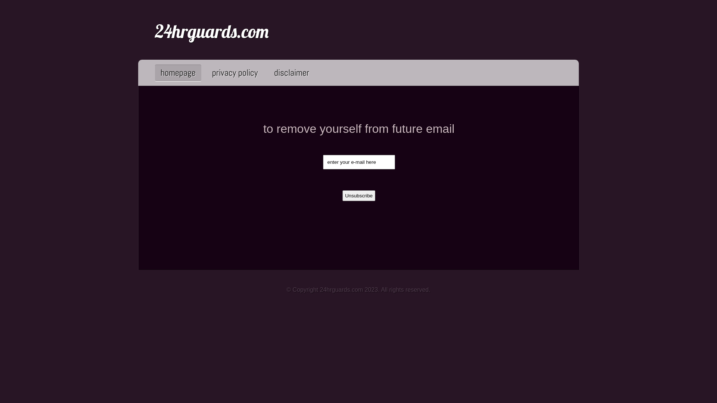 The image size is (717, 403). I want to click on 'homepage', so click(177, 72).